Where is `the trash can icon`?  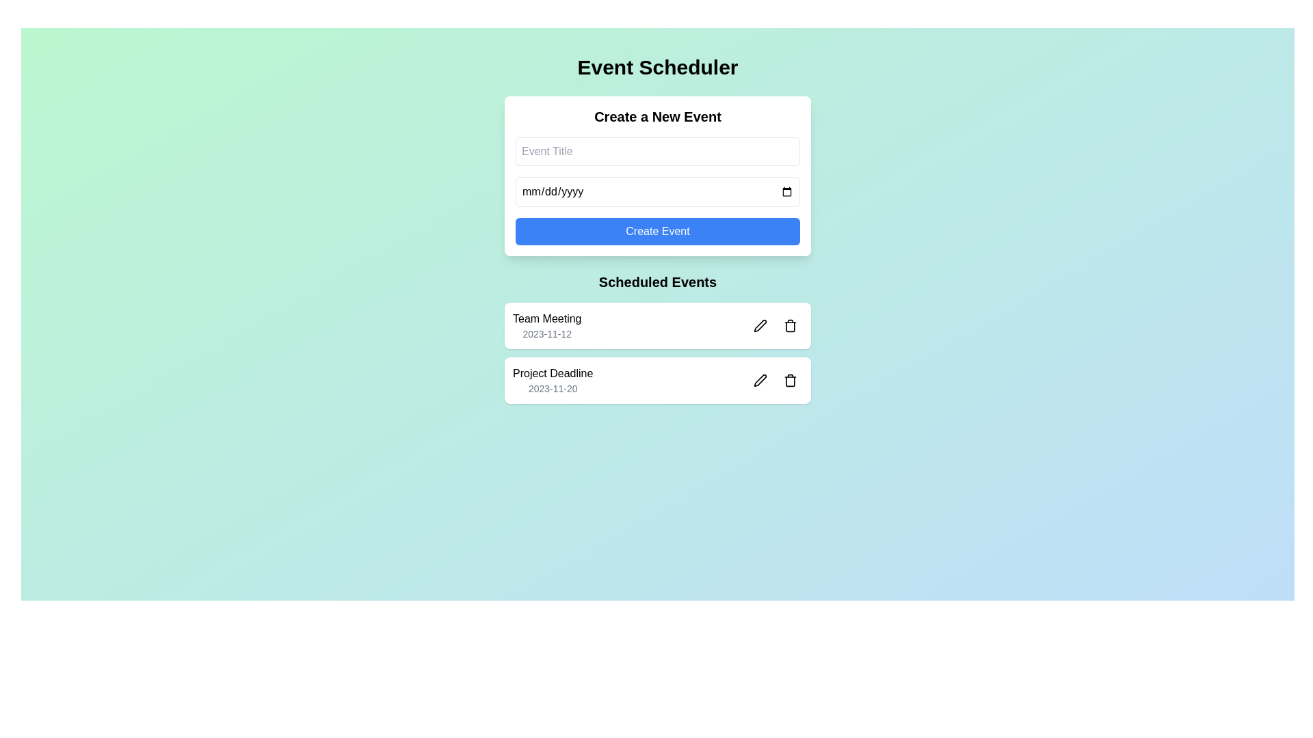
the trash can icon is located at coordinates (791, 380).